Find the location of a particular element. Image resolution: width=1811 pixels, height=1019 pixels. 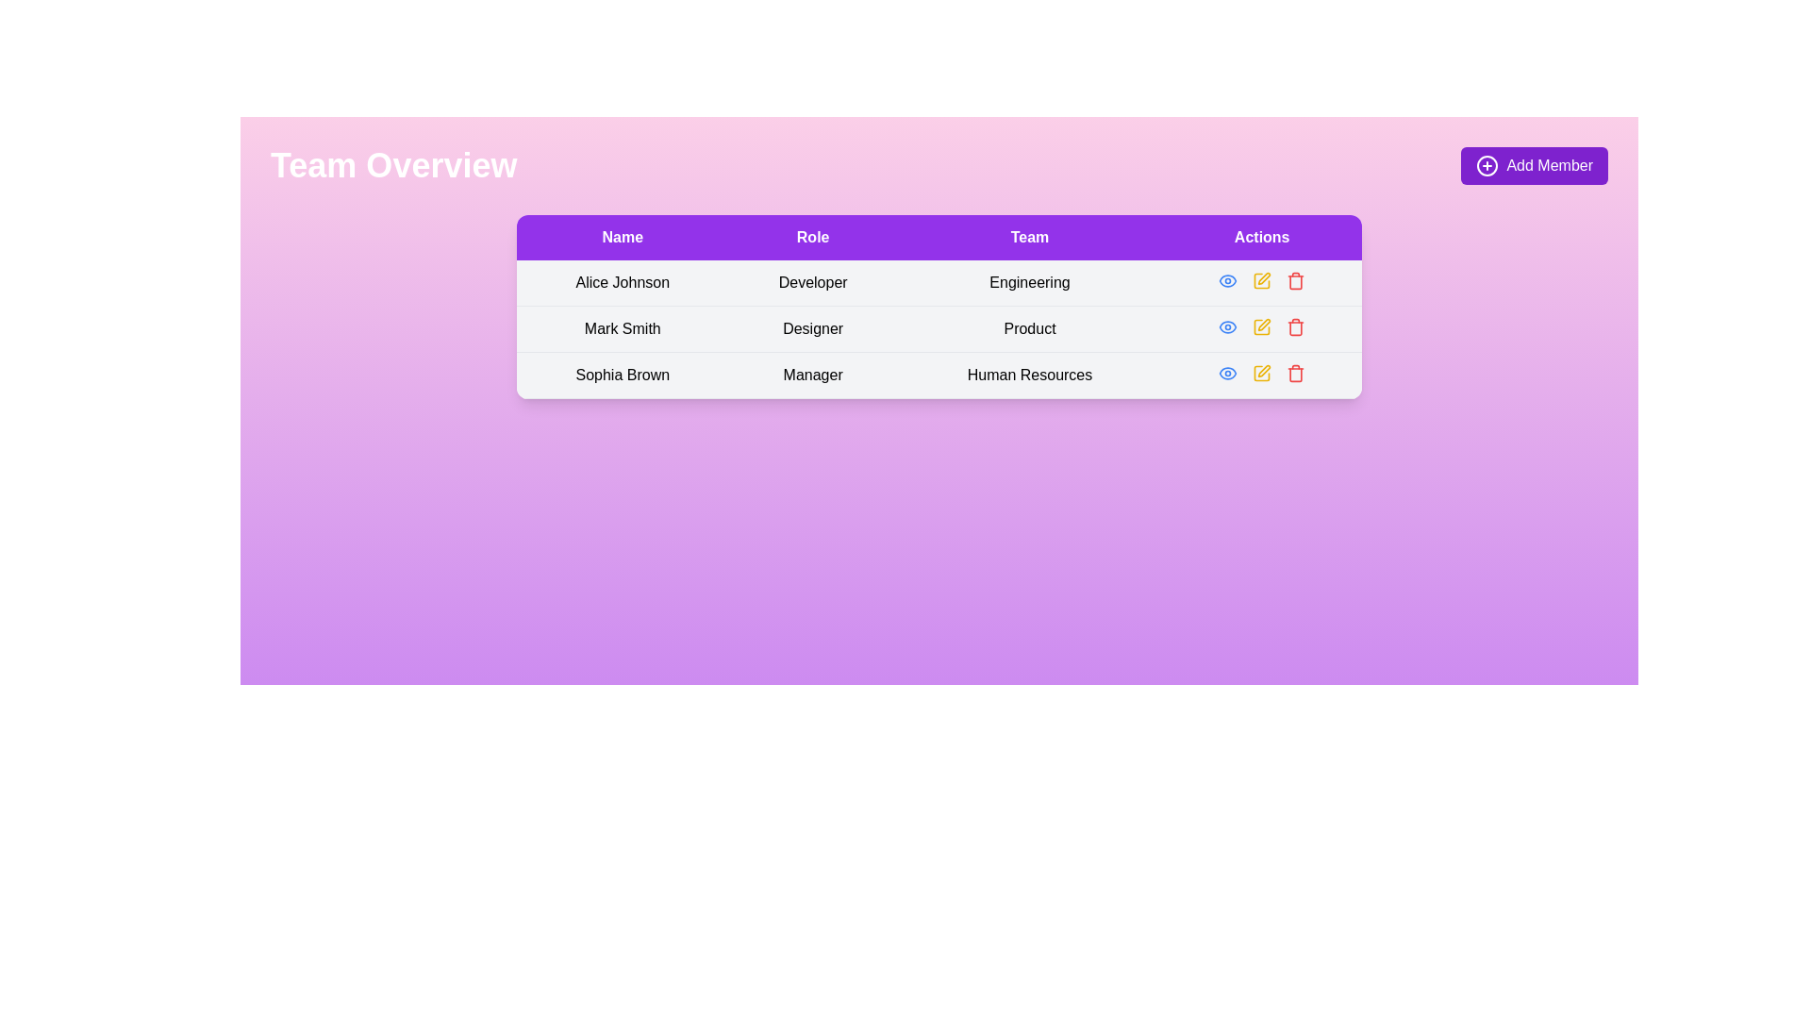

the static text label displaying 'Alice Johnson' located in the top row, first column of a table under the 'Name' header is located at coordinates (623, 283).